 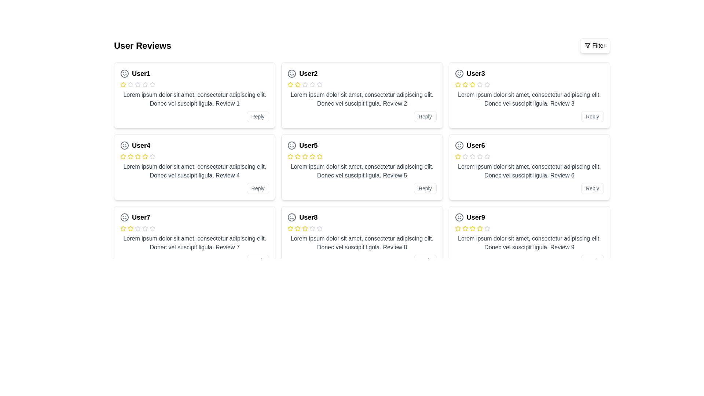 I want to click on the sixth star icon in the rating section of User7's review card, so click(x=145, y=228).